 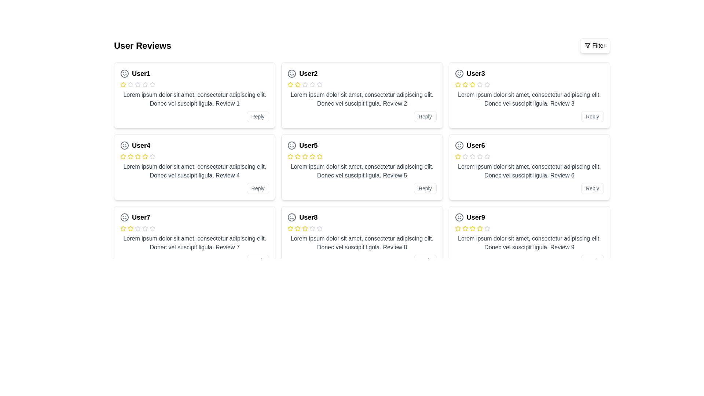 I want to click on the sixth star icon in the rating section of User7's review card, so click(x=145, y=228).